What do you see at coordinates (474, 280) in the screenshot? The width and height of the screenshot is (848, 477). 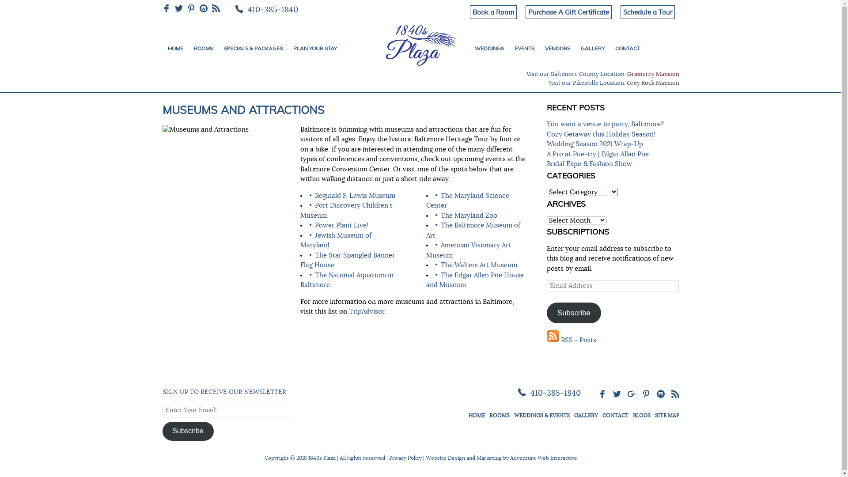 I see `'The Edgar Allen Poe House and Museum'` at bounding box center [474, 280].